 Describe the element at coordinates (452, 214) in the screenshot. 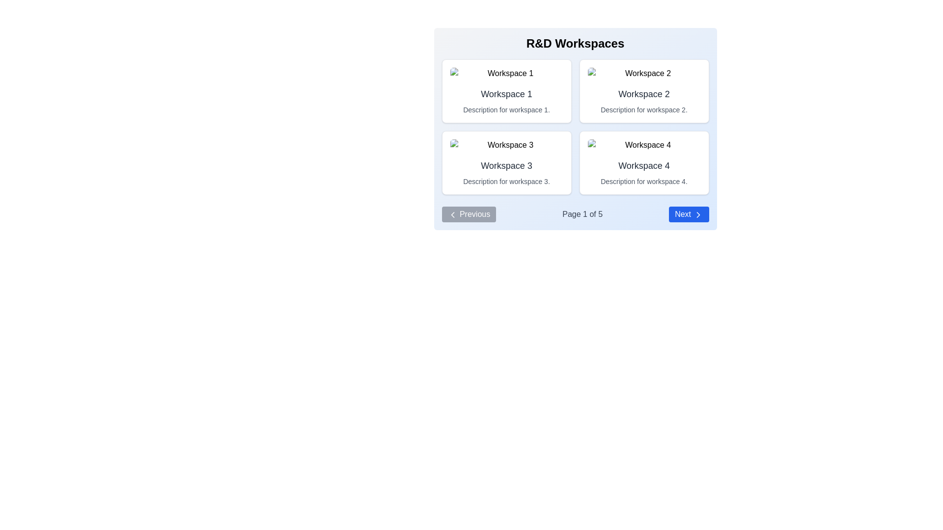

I see `the left-pointing chevron icon located inside the 'Previous' button at the bottom left corner of the interface` at that location.